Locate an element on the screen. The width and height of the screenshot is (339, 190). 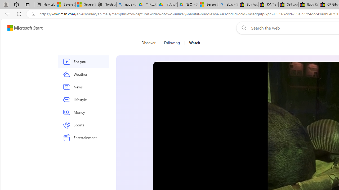
'RV, Trailer & Camper Steps & Ladders for sale | eBay' is located at coordinates (268, 4).